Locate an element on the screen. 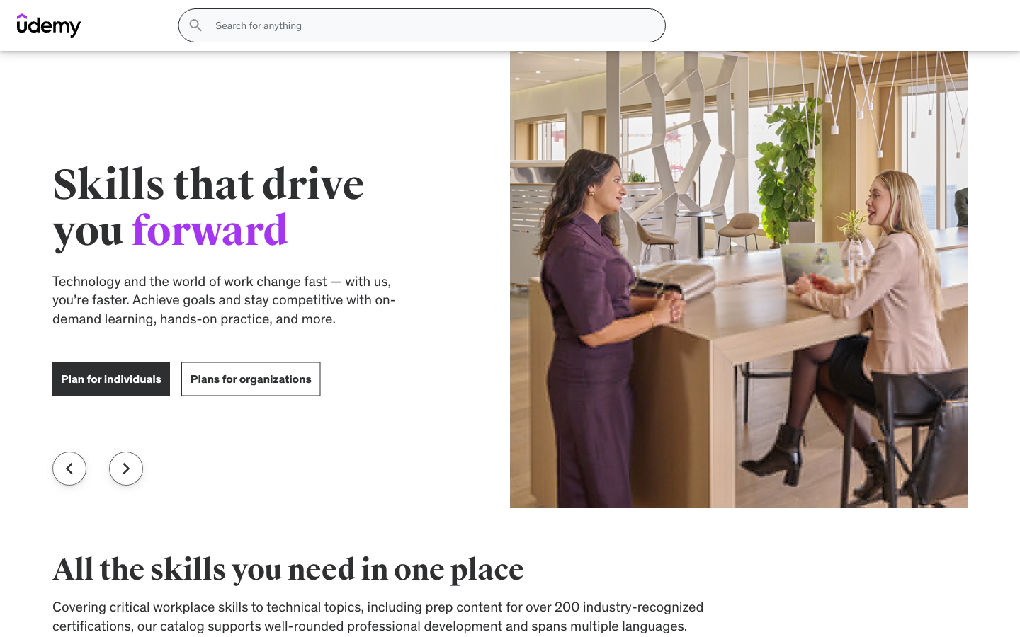 Image resolution: width=1020 pixels, height=637 pixels. Visit the Phones category is located at coordinates (544, 64).